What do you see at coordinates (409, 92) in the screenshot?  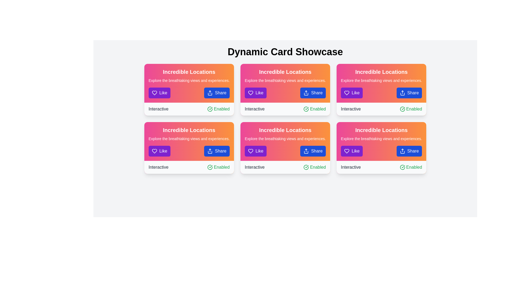 I see `the share button located at the bottom of the card, immediately to the right of the 'Like' button` at bounding box center [409, 92].